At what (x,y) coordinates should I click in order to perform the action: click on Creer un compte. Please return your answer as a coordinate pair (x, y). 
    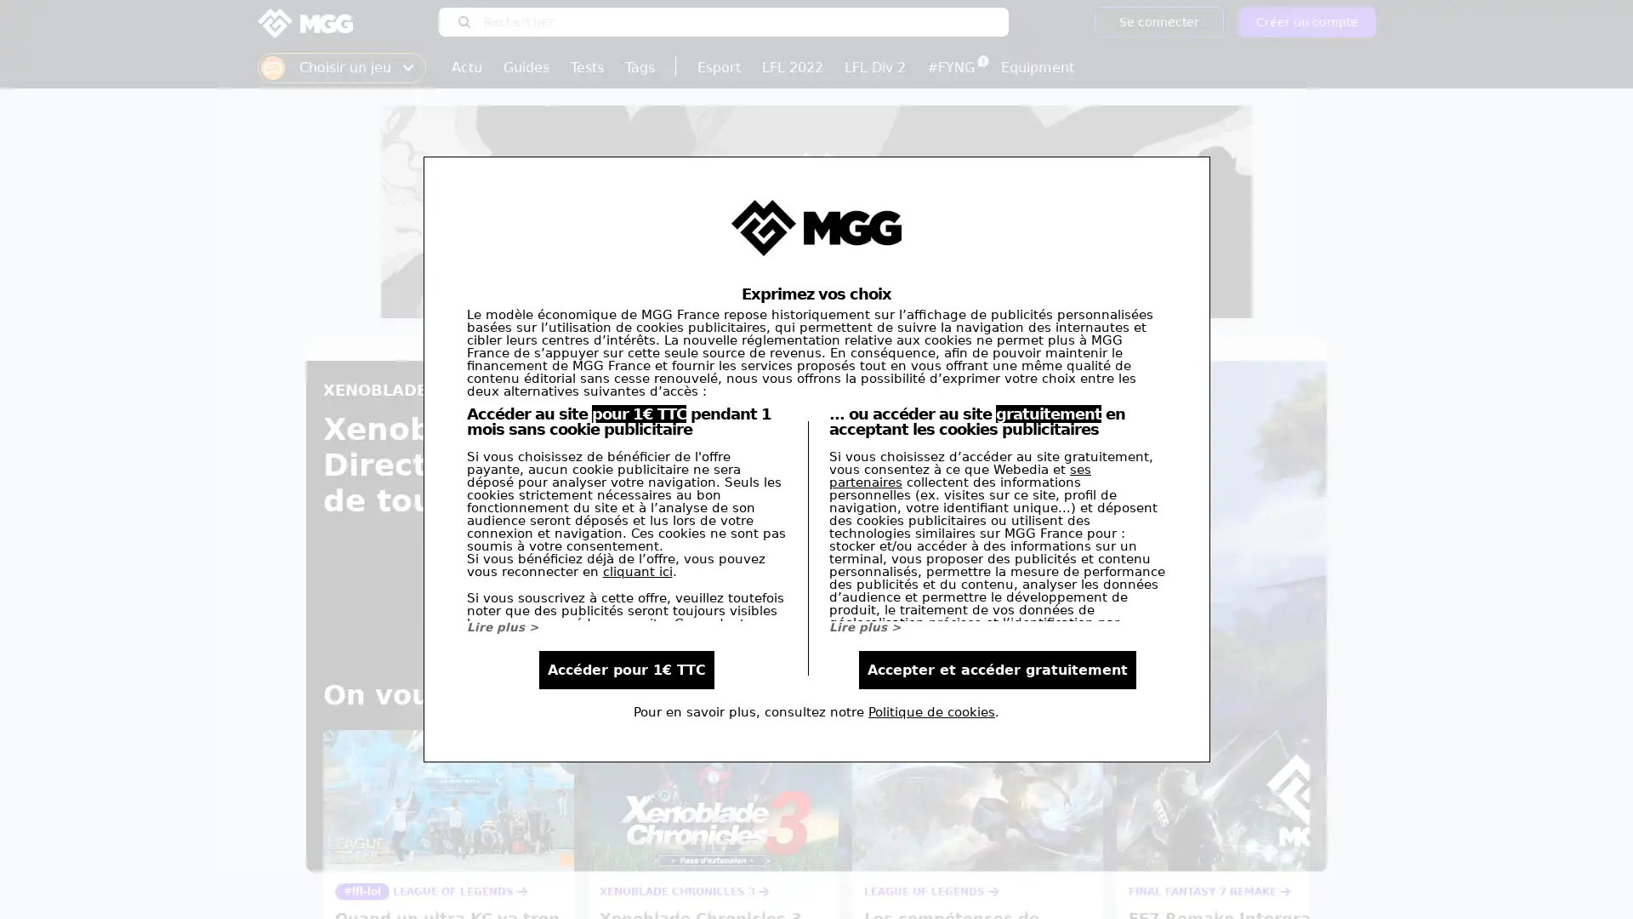
    Looking at the image, I should click on (1306, 22).